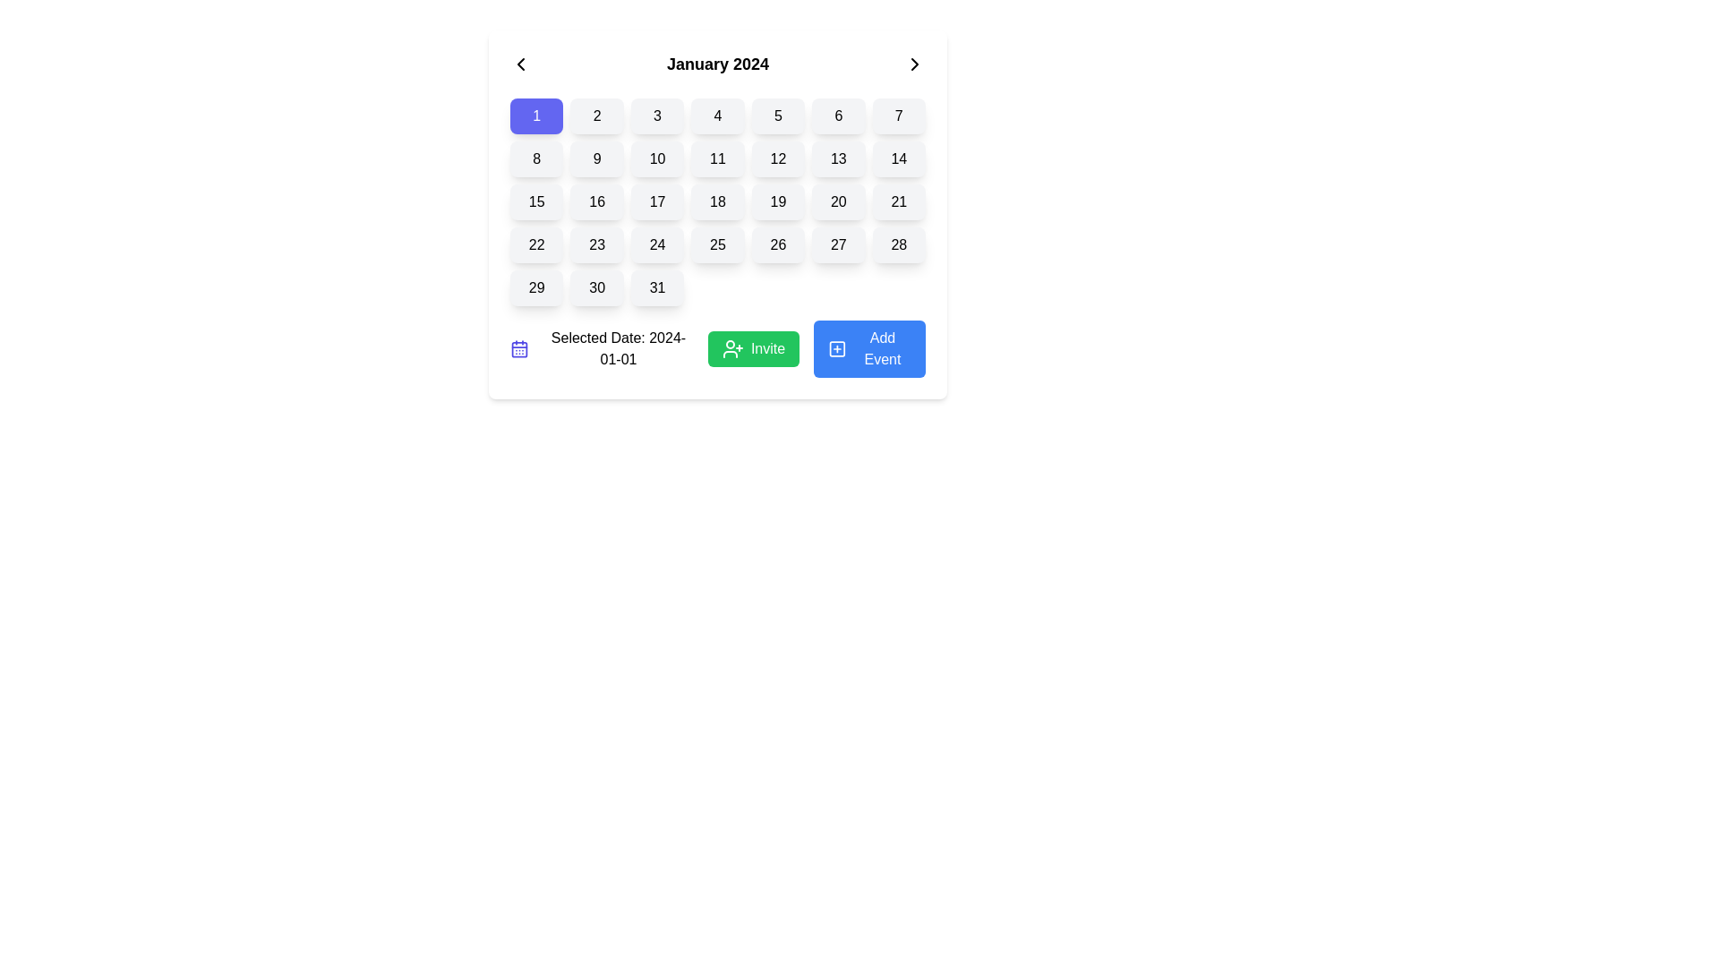 The image size is (1719, 967). What do you see at coordinates (656, 244) in the screenshot?
I see `the interactive calendar day button labeled '24'` at bounding box center [656, 244].